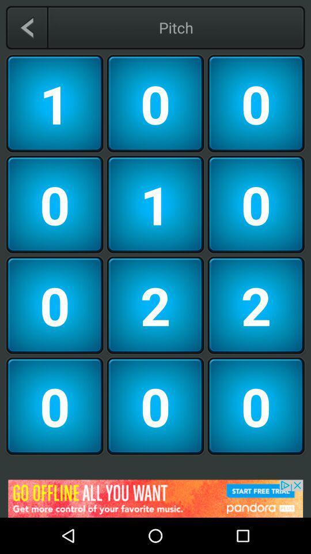  Describe the element at coordinates (155, 498) in the screenshot. I see `goes to an advertisement` at that location.